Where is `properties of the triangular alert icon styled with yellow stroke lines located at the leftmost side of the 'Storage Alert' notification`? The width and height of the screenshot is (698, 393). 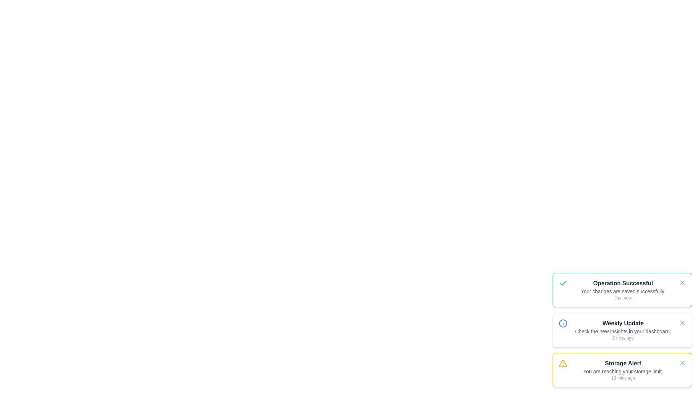
properties of the triangular alert icon styled with yellow stroke lines located at the leftmost side of the 'Storage Alert' notification is located at coordinates (563, 364).